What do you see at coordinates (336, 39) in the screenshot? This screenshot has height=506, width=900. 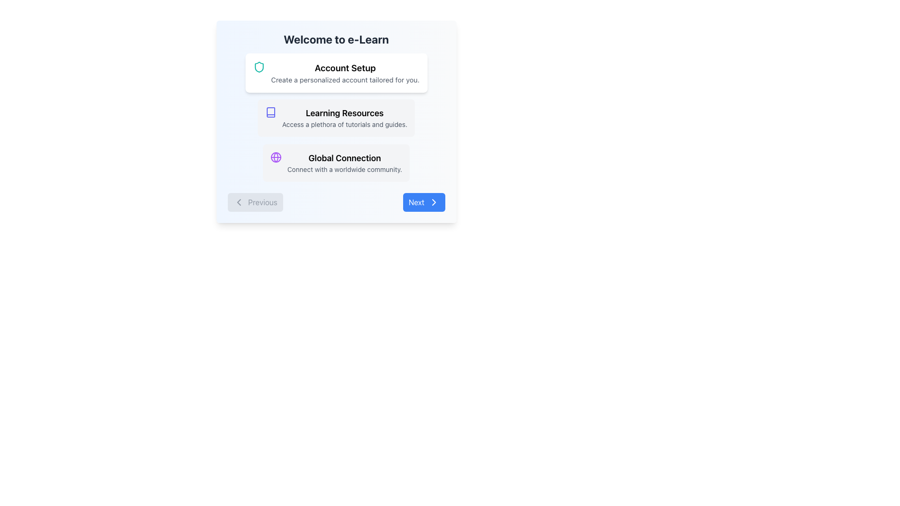 I see `the bold, large-sized text displaying 'Welcome to e-Learn', which is center-aligned and prominently positioned near the top of the interface` at bounding box center [336, 39].